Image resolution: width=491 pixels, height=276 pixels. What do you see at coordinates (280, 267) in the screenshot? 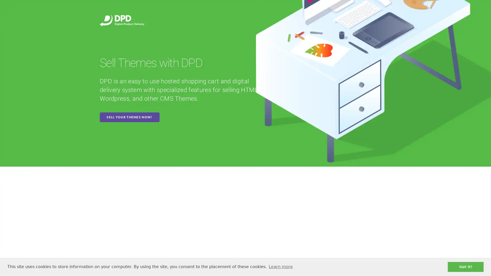
I see `learn more about cookies` at bounding box center [280, 267].